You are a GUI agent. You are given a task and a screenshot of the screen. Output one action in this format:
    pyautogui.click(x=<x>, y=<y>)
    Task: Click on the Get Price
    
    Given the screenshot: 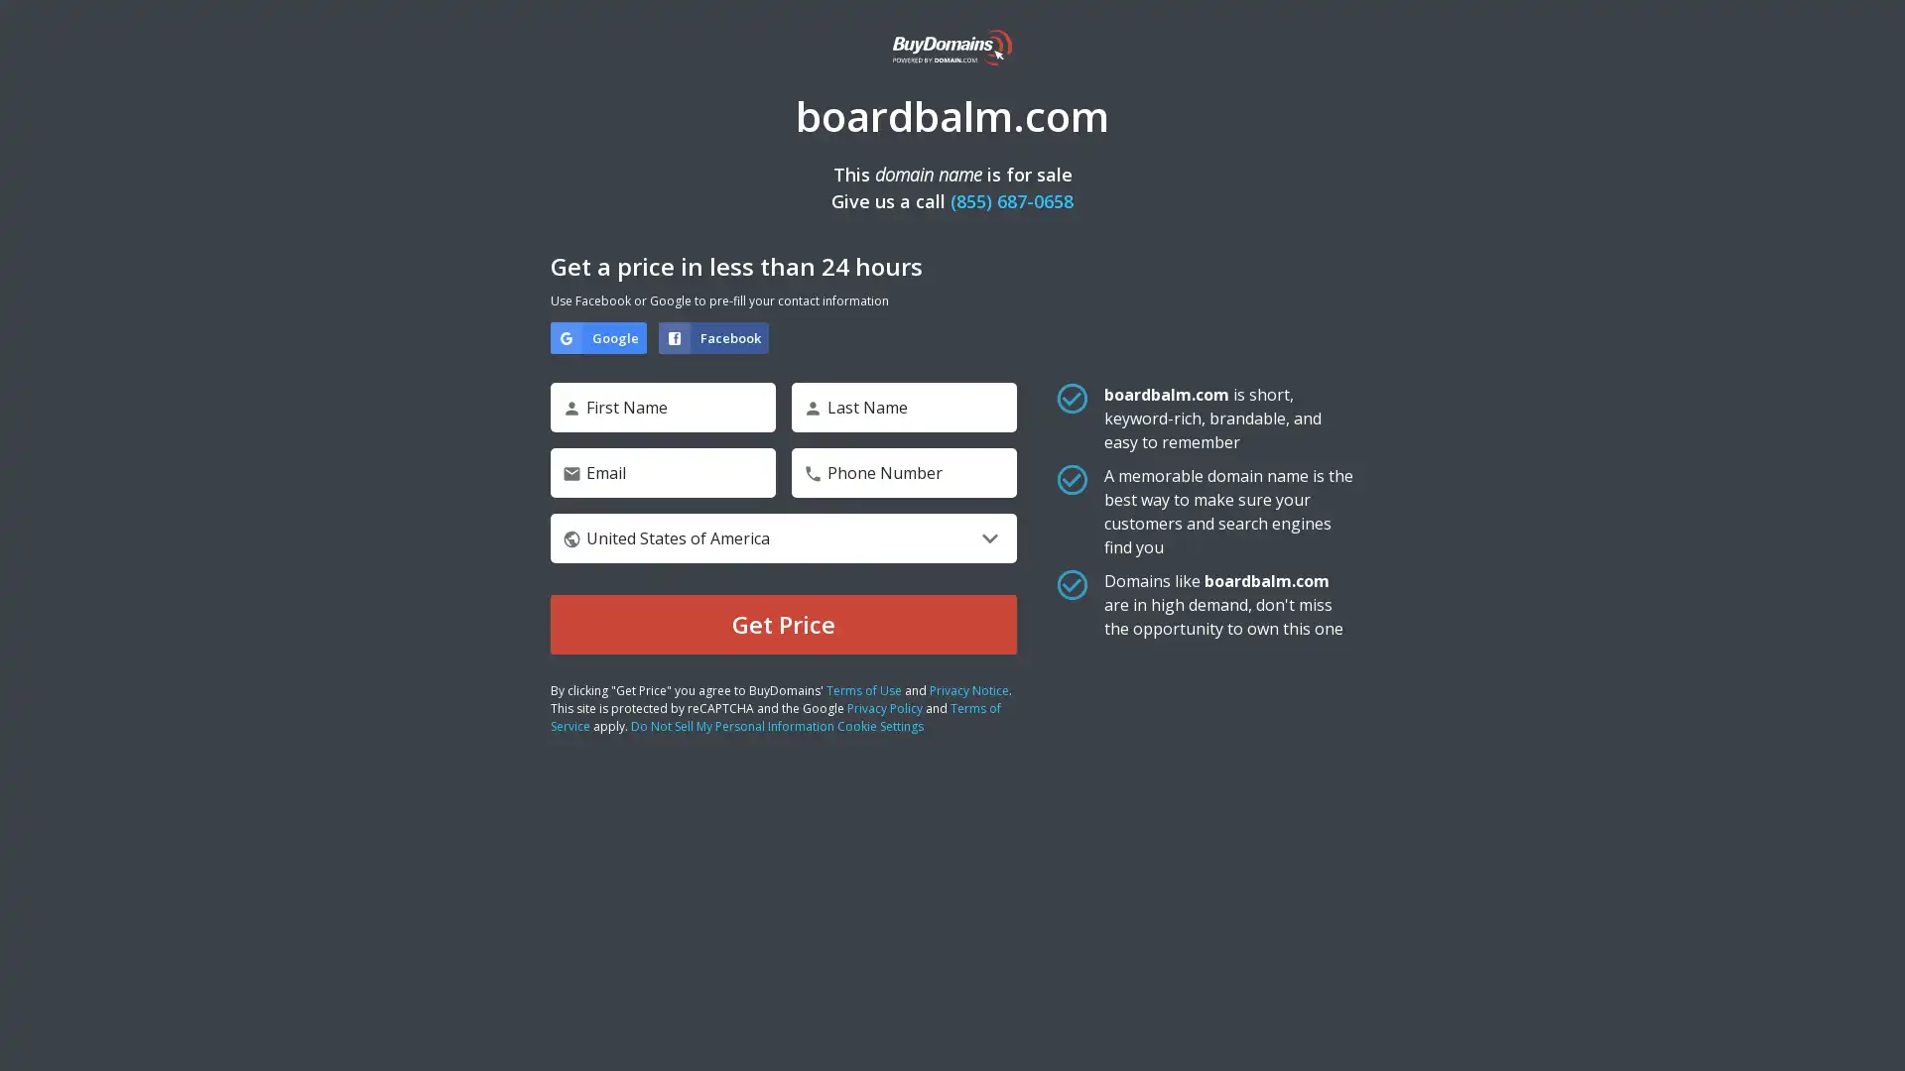 What is the action you would take?
    pyautogui.click(x=783, y=623)
    